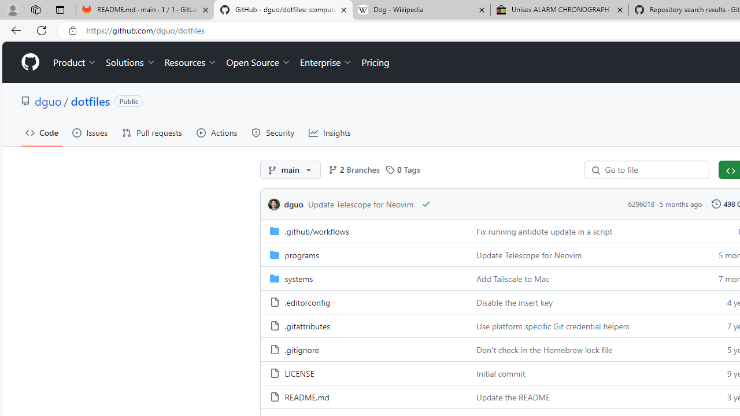  What do you see at coordinates (151, 132) in the screenshot?
I see `'Pull requests'` at bounding box center [151, 132].